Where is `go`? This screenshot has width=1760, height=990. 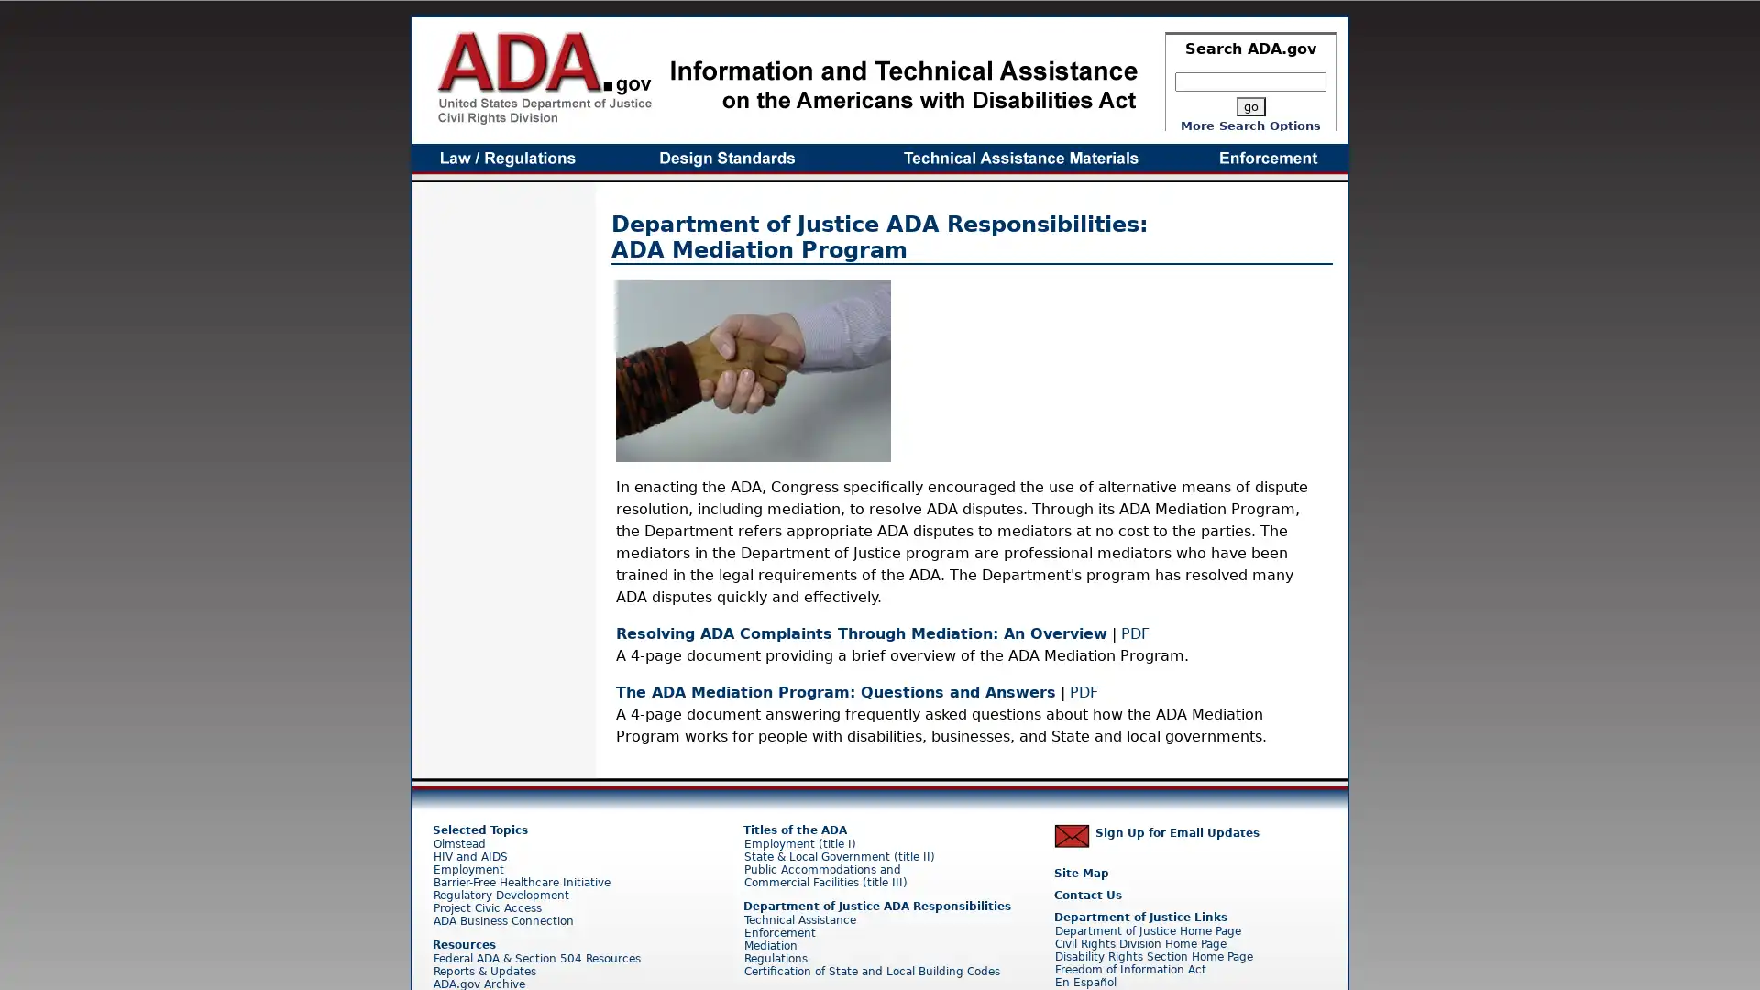
go is located at coordinates (1248, 106).